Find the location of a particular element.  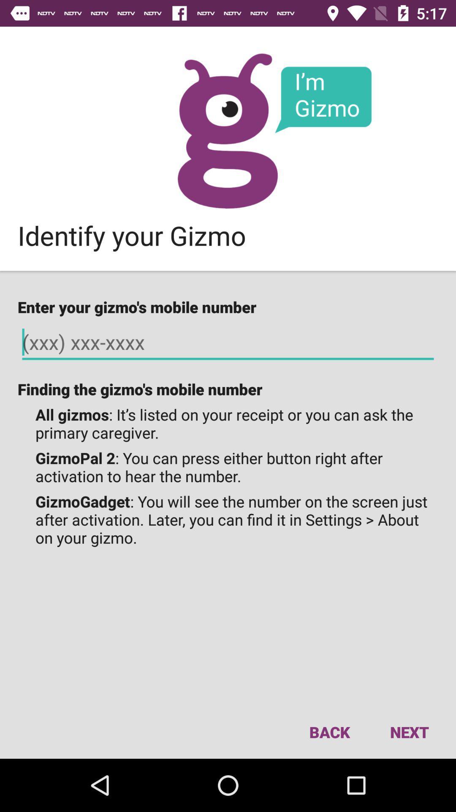

gizmo account is located at coordinates (227, 130).